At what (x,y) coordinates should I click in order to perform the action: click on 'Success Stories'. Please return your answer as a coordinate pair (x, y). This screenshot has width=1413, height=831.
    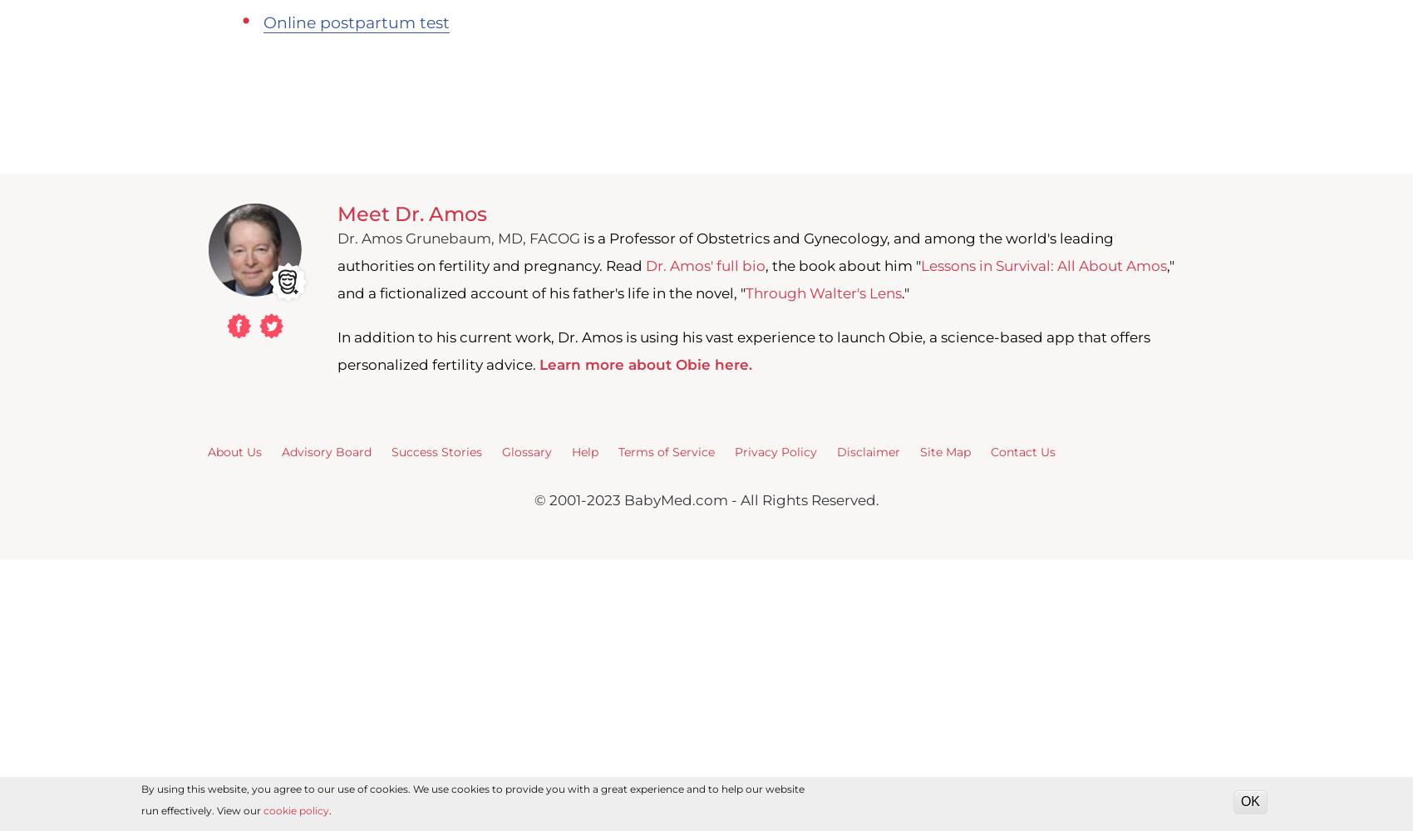
    Looking at the image, I should click on (436, 451).